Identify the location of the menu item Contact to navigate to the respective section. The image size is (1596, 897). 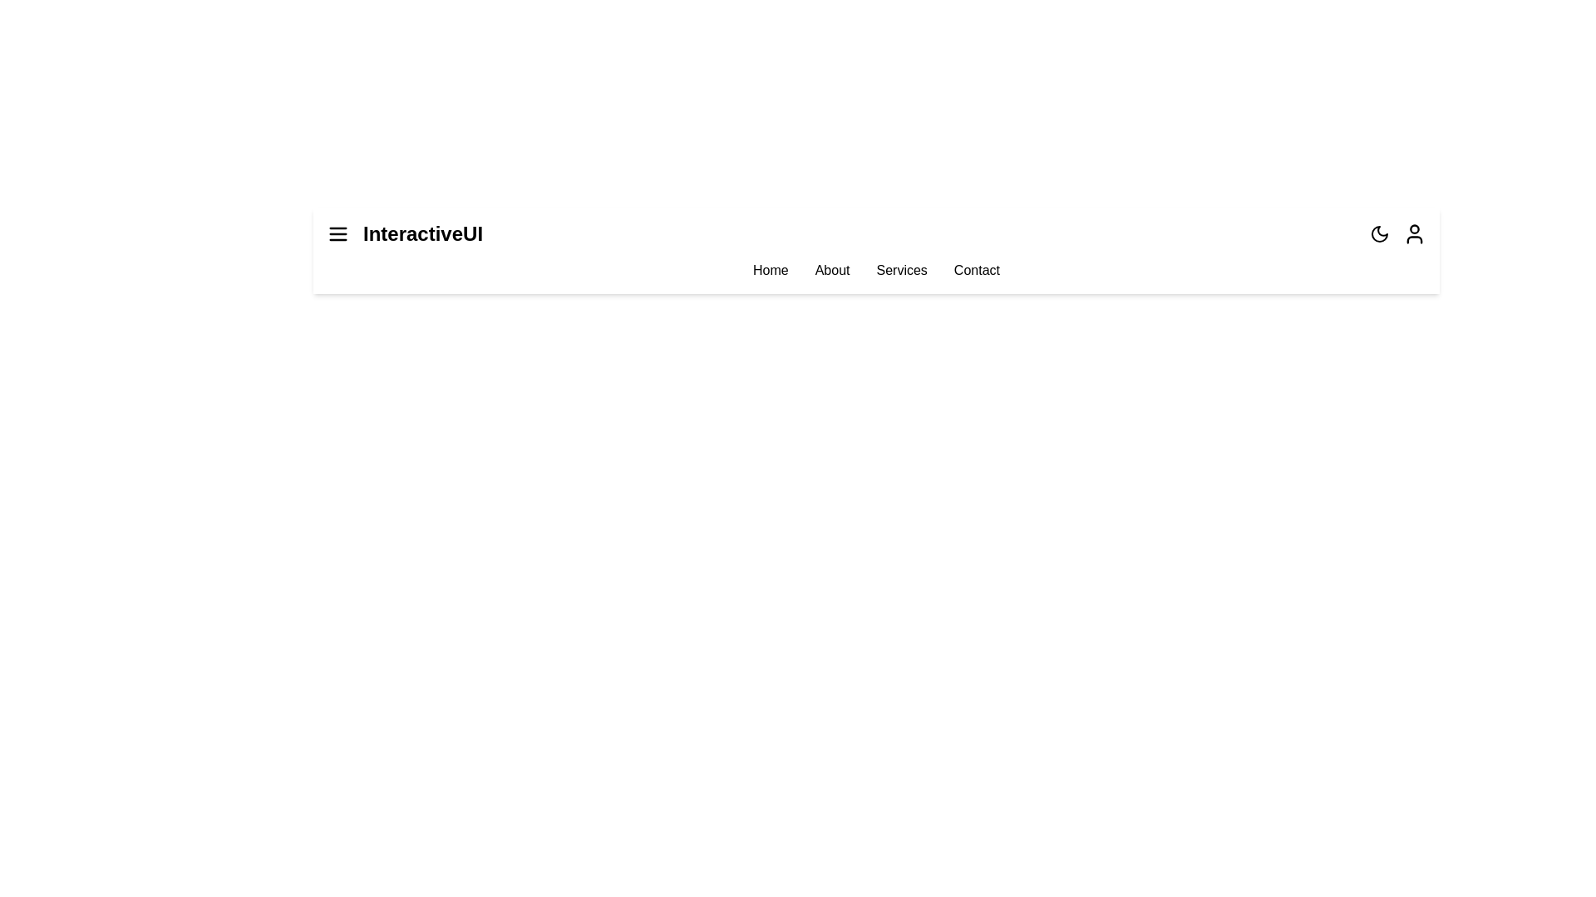
(977, 270).